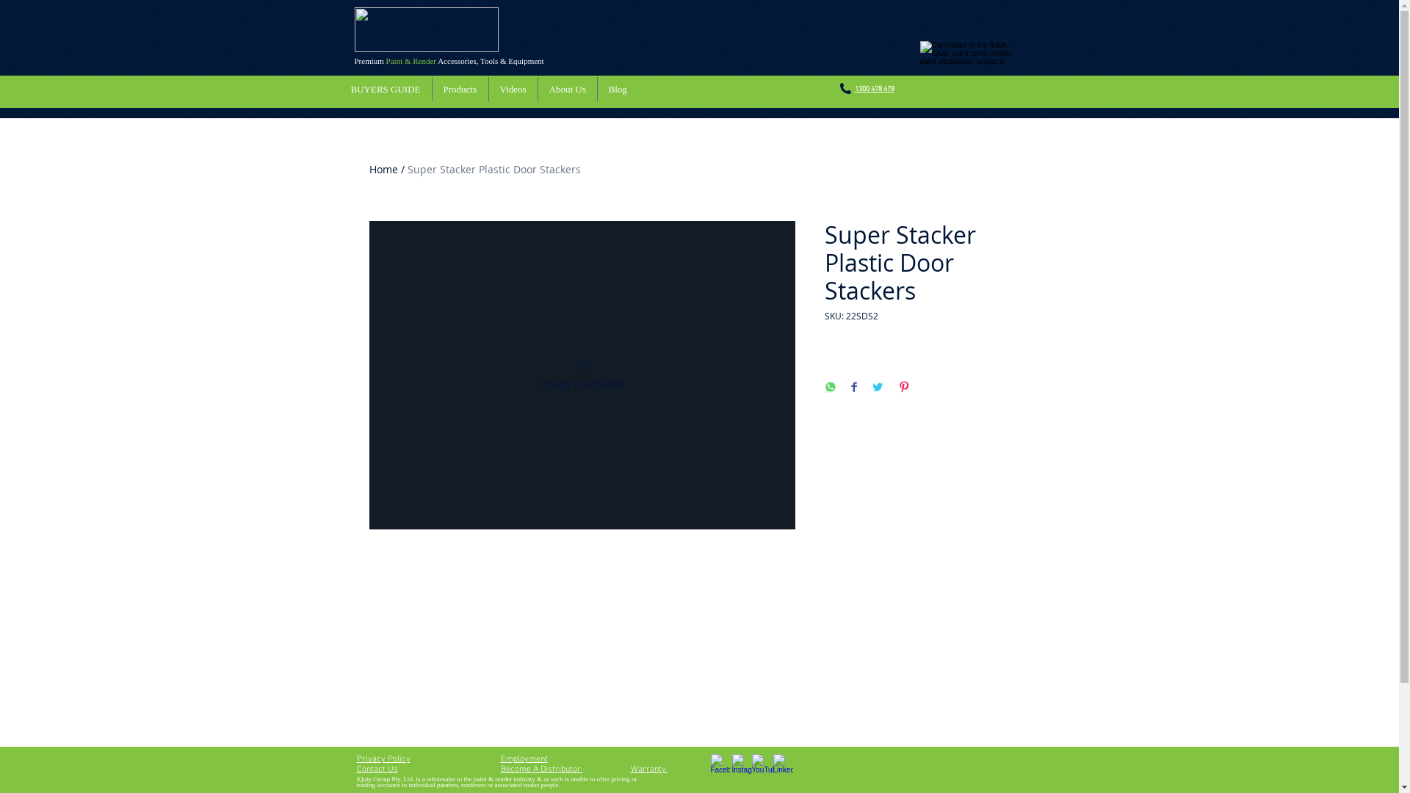 The image size is (1410, 793). Describe the element at coordinates (500, 758) in the screenshot. I see `'Employment'` at that location.